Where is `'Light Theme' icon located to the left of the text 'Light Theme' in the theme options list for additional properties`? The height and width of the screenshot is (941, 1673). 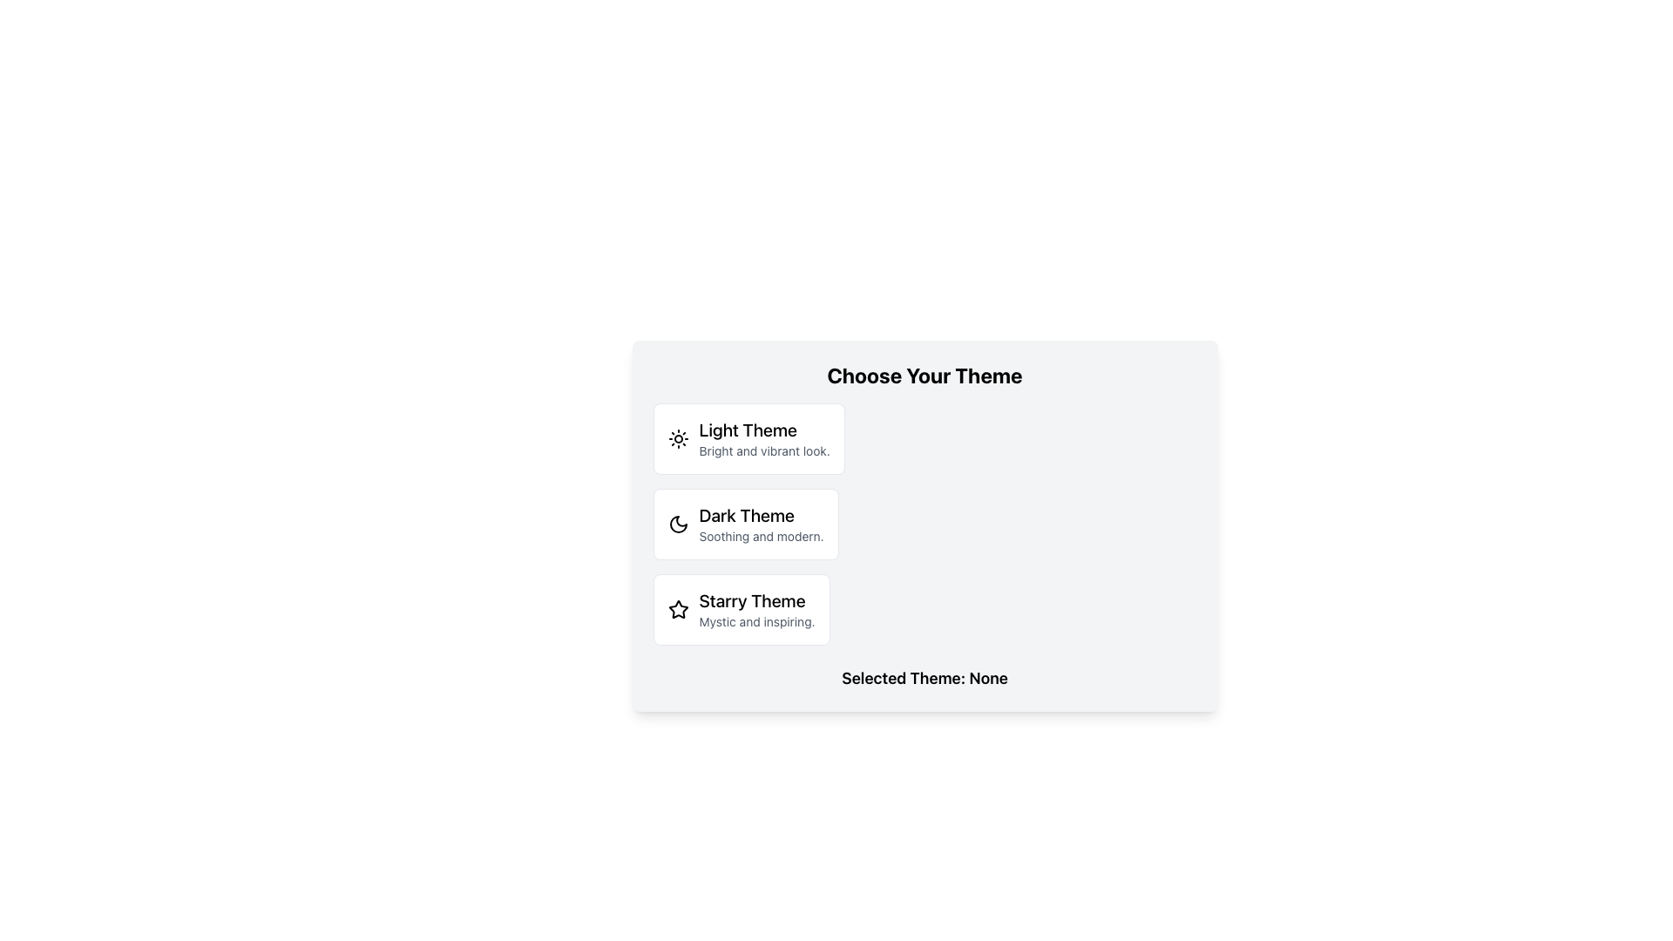 'Light Theme' icon located to the left of the text 'Light Theme' in the theme options list for additional properties is located at coordinates (677, 438).